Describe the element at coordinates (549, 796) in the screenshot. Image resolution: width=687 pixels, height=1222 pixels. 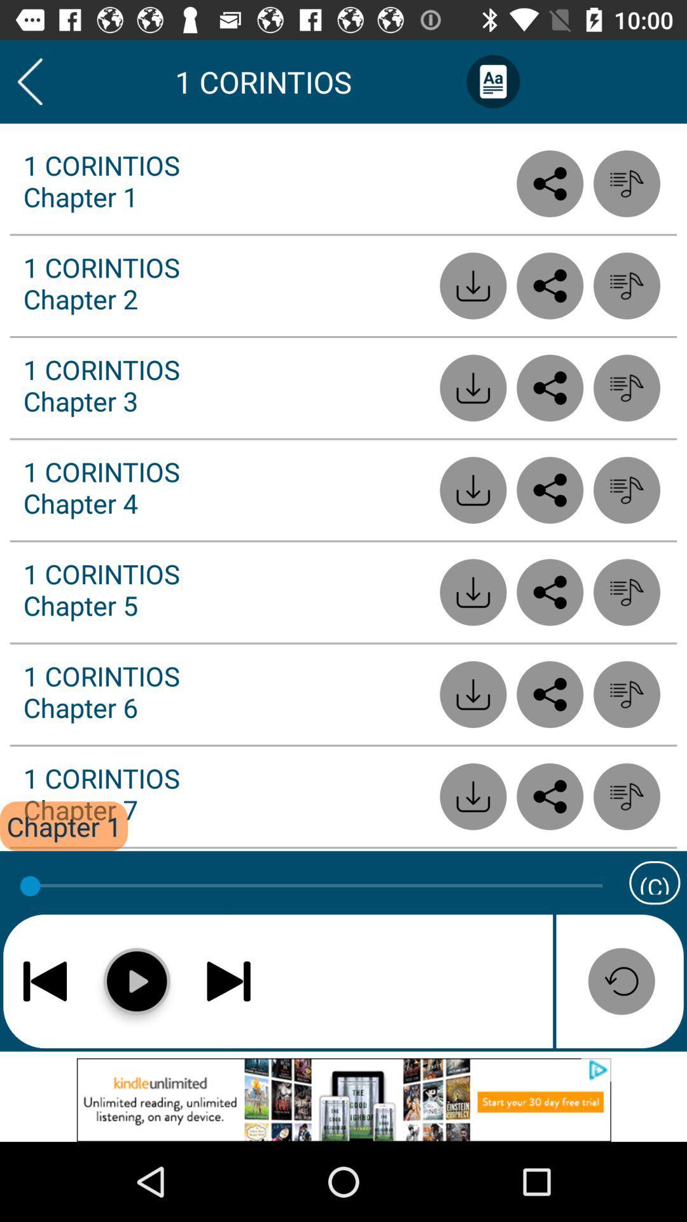
I see `share button` at that location.